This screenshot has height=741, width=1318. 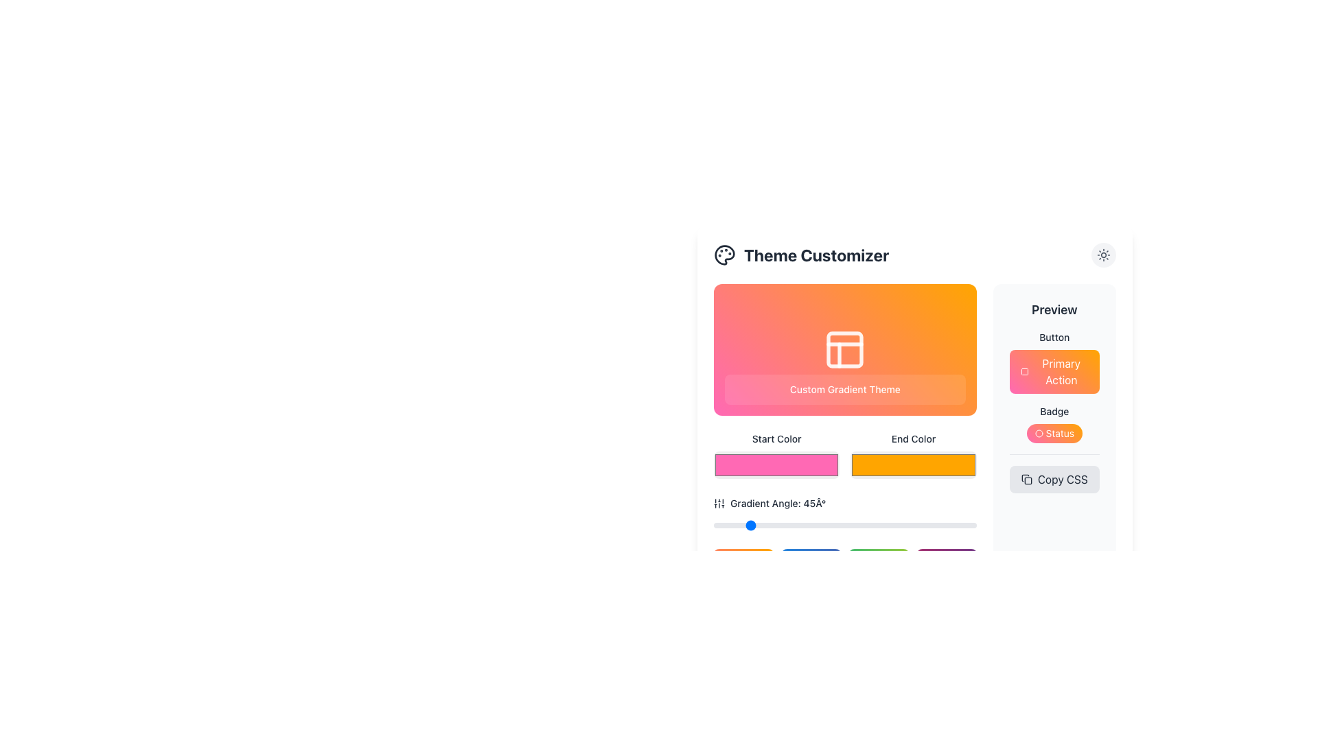 What do you see at coordinates (844, 456) in the screenshot?
I see `the left or right color selector in the gradient theme grid component` at bounding box center [844, 456].